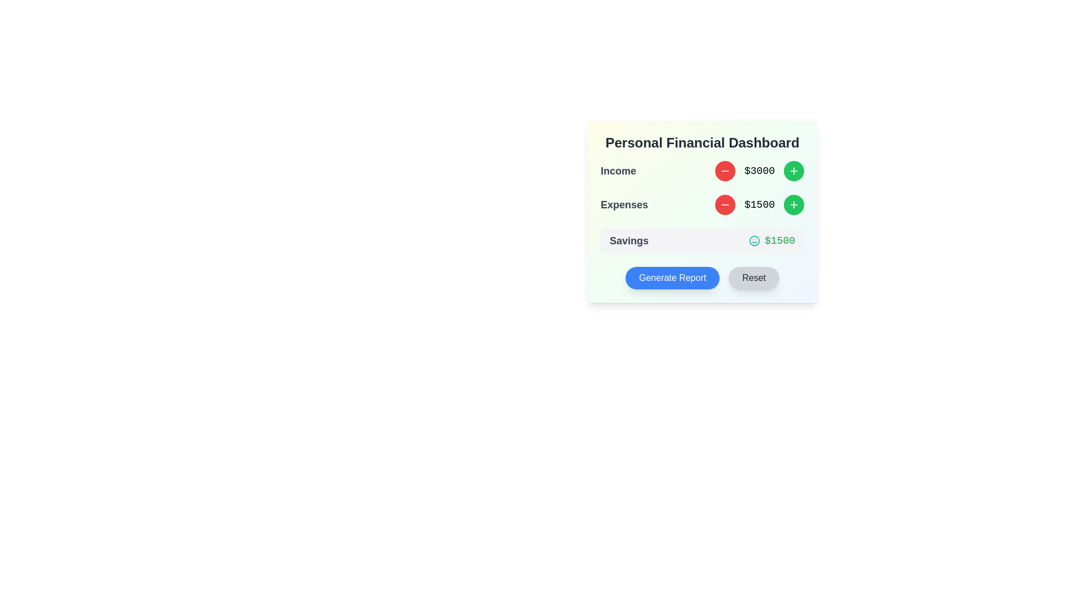 The height and width of the screenshot is (608, 1082). Describe the element at coordinates (760, 204) in the screenshot. I see `displayed value of the static text label showing '$1500' in the 'Expenses' row of the 'Personal Financial Dashboard'` at that location.